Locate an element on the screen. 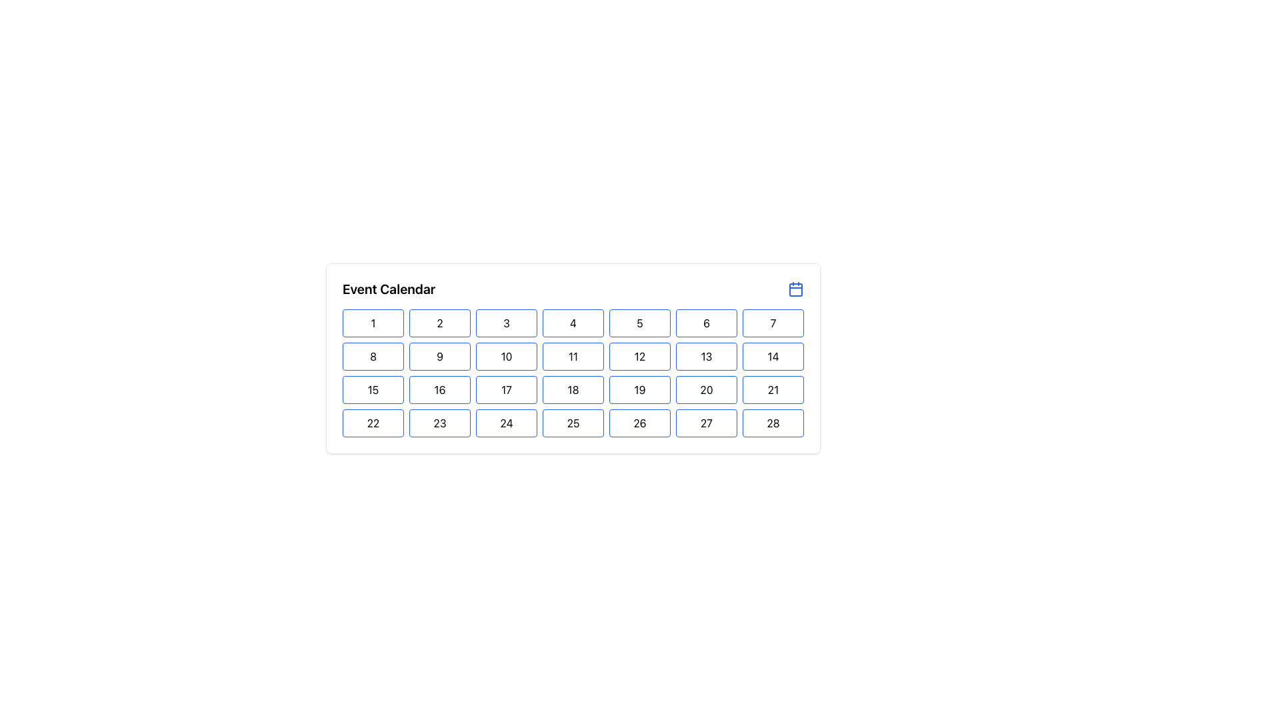  the button labeled '20' using keyboard navigation is located at coordinates (706, 390).